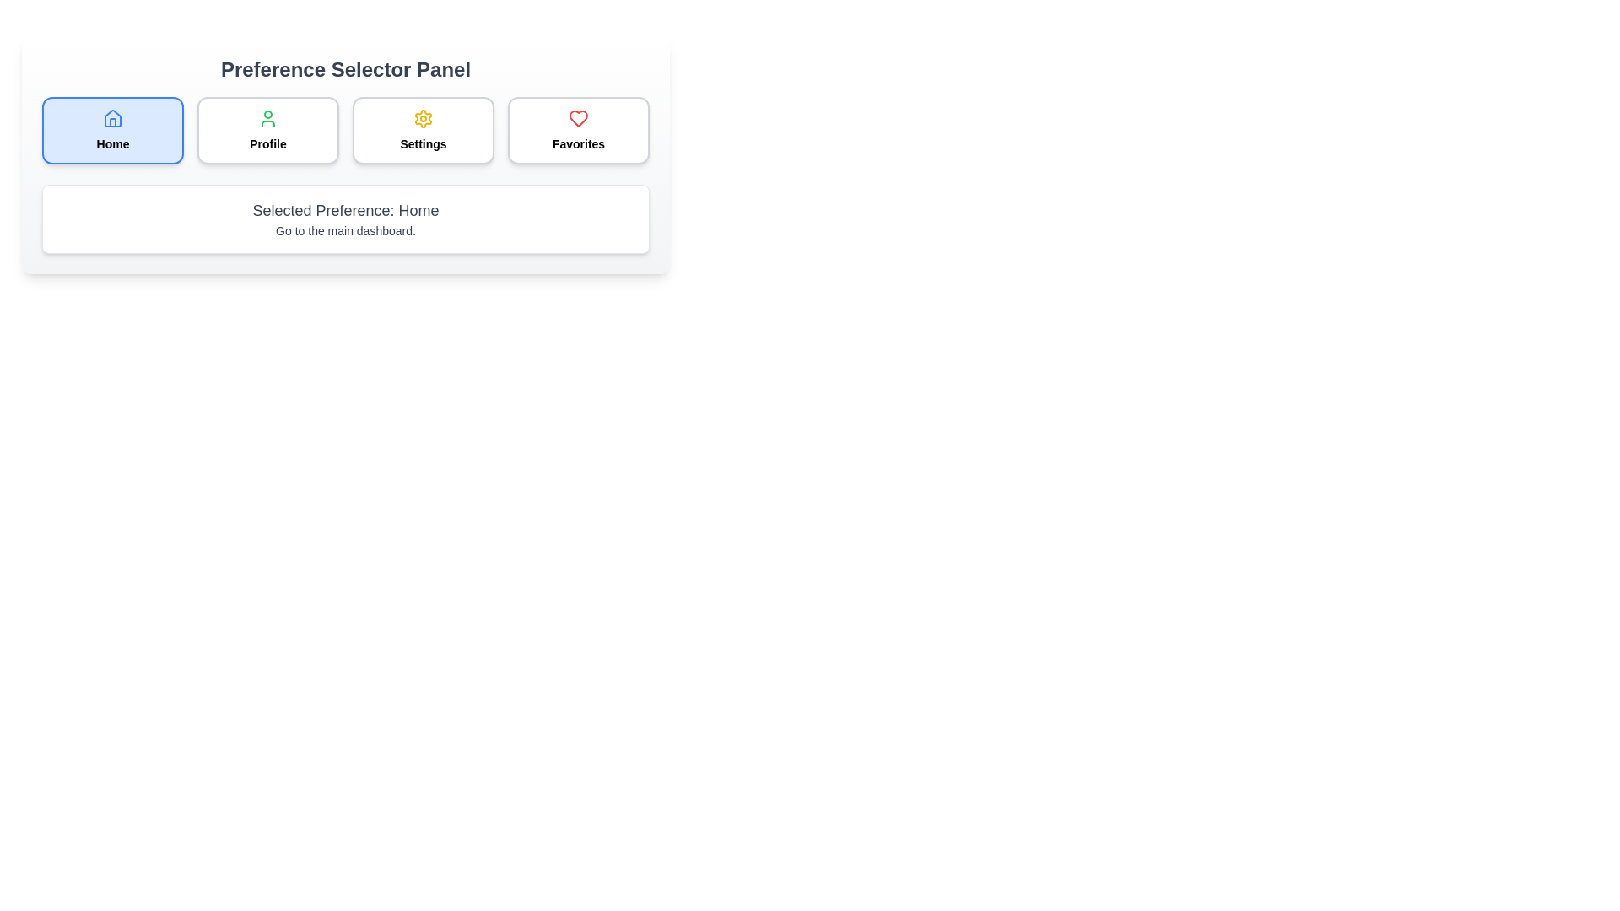 The image size is (1620, 911). I want to click on the decorative house icon representing the 'Home' option in the preference selector panel, so click(112, 118).